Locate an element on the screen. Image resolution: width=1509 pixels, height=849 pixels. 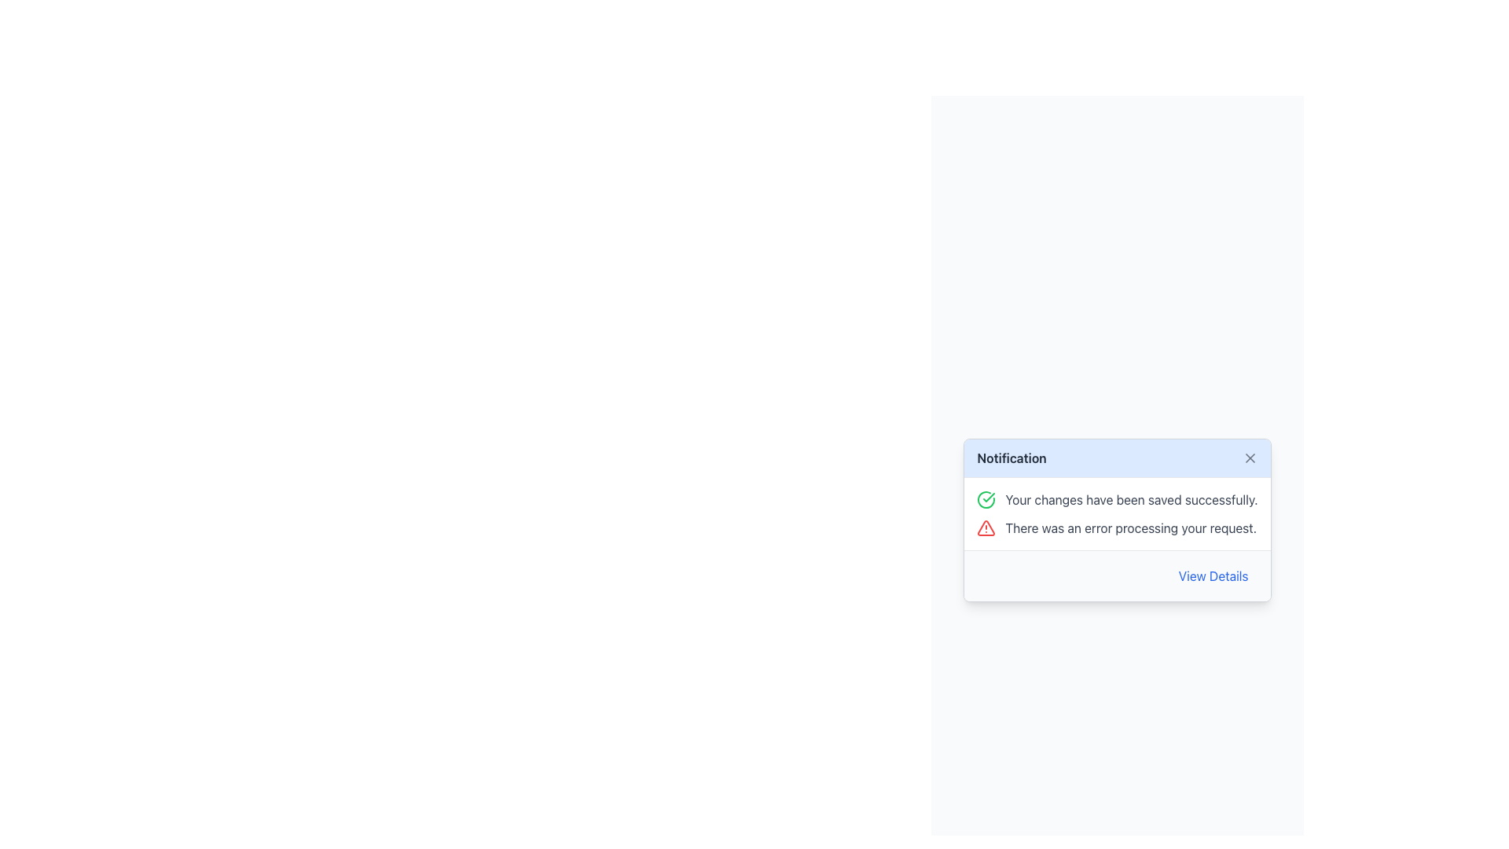
the distinct button located at the bottom-right of the notification box is located at coordinates (1213, 575).